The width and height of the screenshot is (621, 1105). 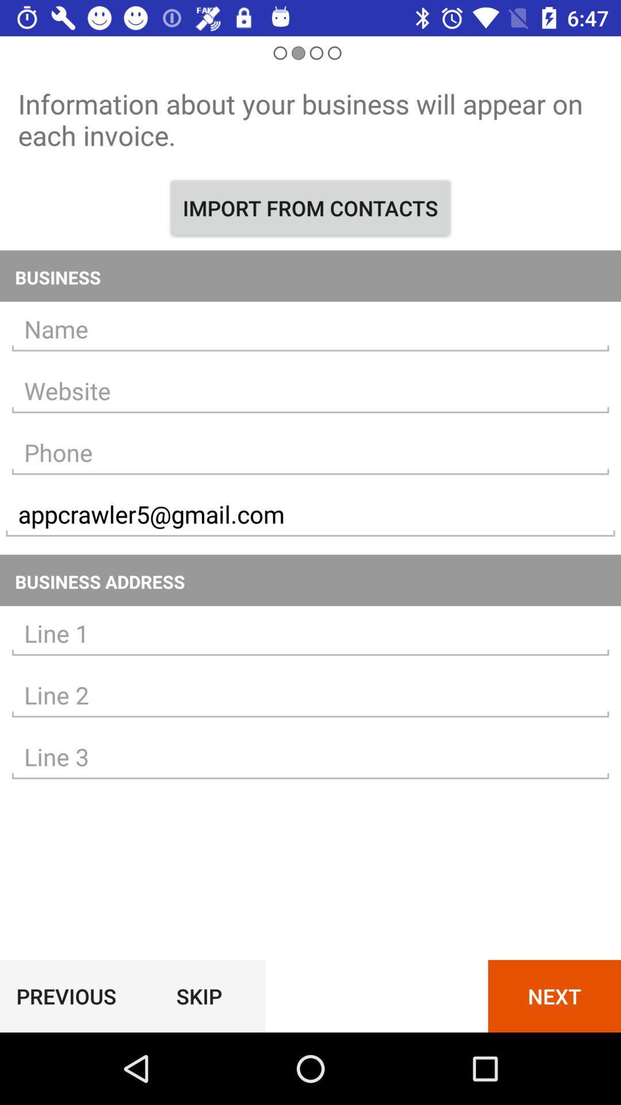 What do you see at coordinates (310, 633) in the screenshot?
I see `business address line 1` at bounding box center [310, 633].